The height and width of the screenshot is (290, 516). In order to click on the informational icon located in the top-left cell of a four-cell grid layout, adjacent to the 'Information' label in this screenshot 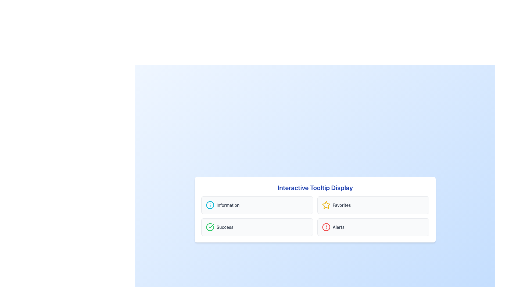, I will do `click(210, 205)`.